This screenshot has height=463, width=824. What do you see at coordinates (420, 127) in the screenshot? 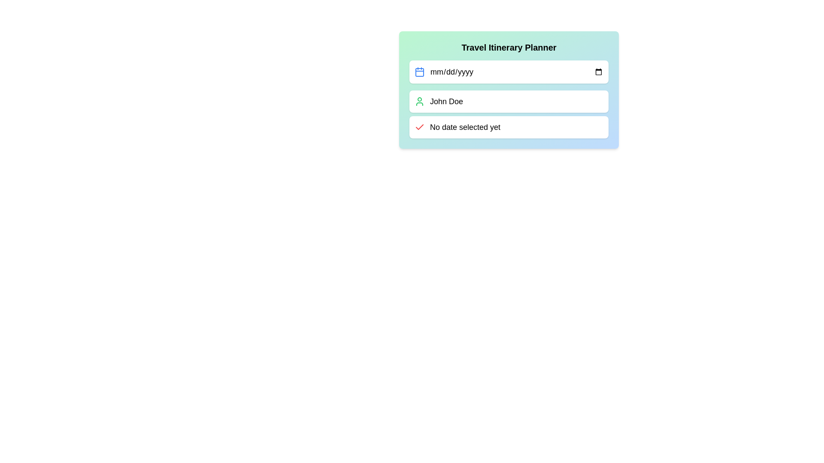
I see `the check icon indicating the status of 'No date selected yet', which is located on the leftmost side of the section` at bounding box center [420, 127].